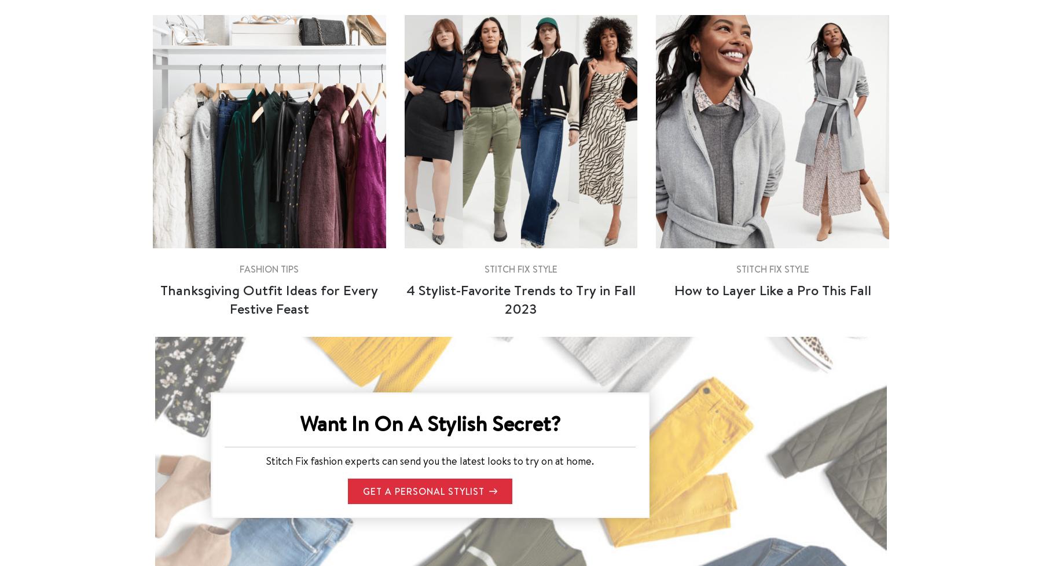  What do you see at coordinates (772, 289) in the screenshot?
I see `'How to Layer Like a Pro This Fall'` at bounding box center [772, 289].